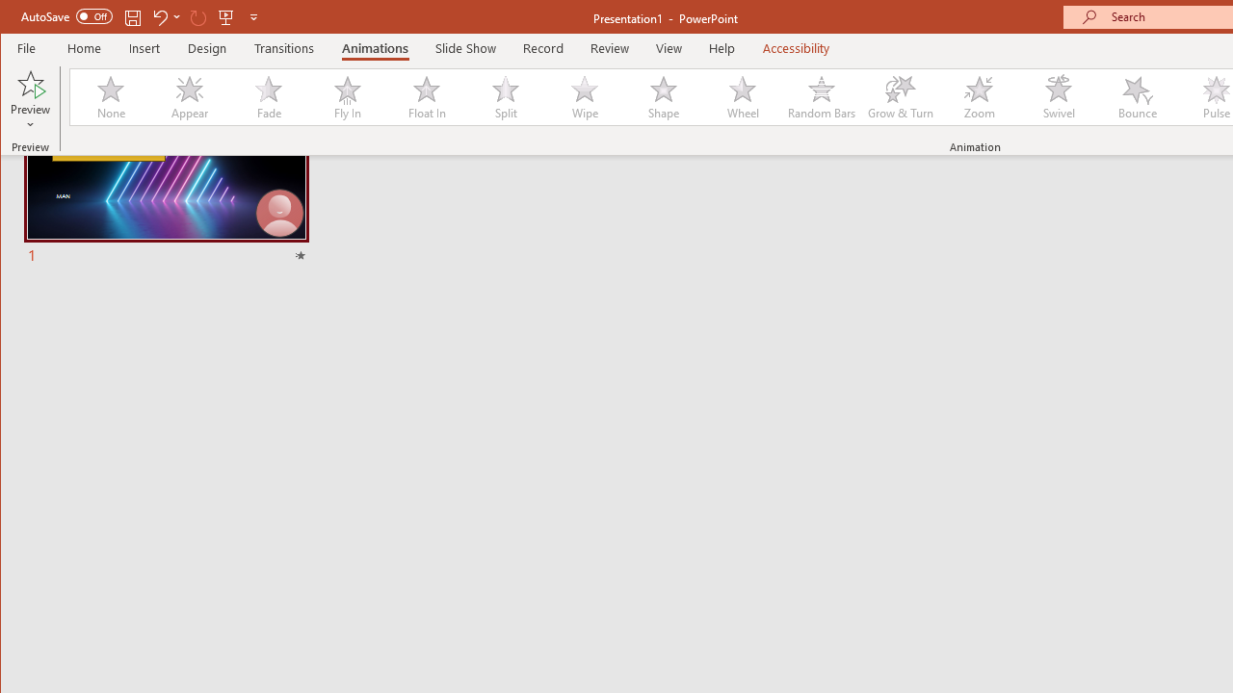  What do you see at coordinates (132, 16) in the screenshot?
I see `'Save'` at bounding box center [132, 16].